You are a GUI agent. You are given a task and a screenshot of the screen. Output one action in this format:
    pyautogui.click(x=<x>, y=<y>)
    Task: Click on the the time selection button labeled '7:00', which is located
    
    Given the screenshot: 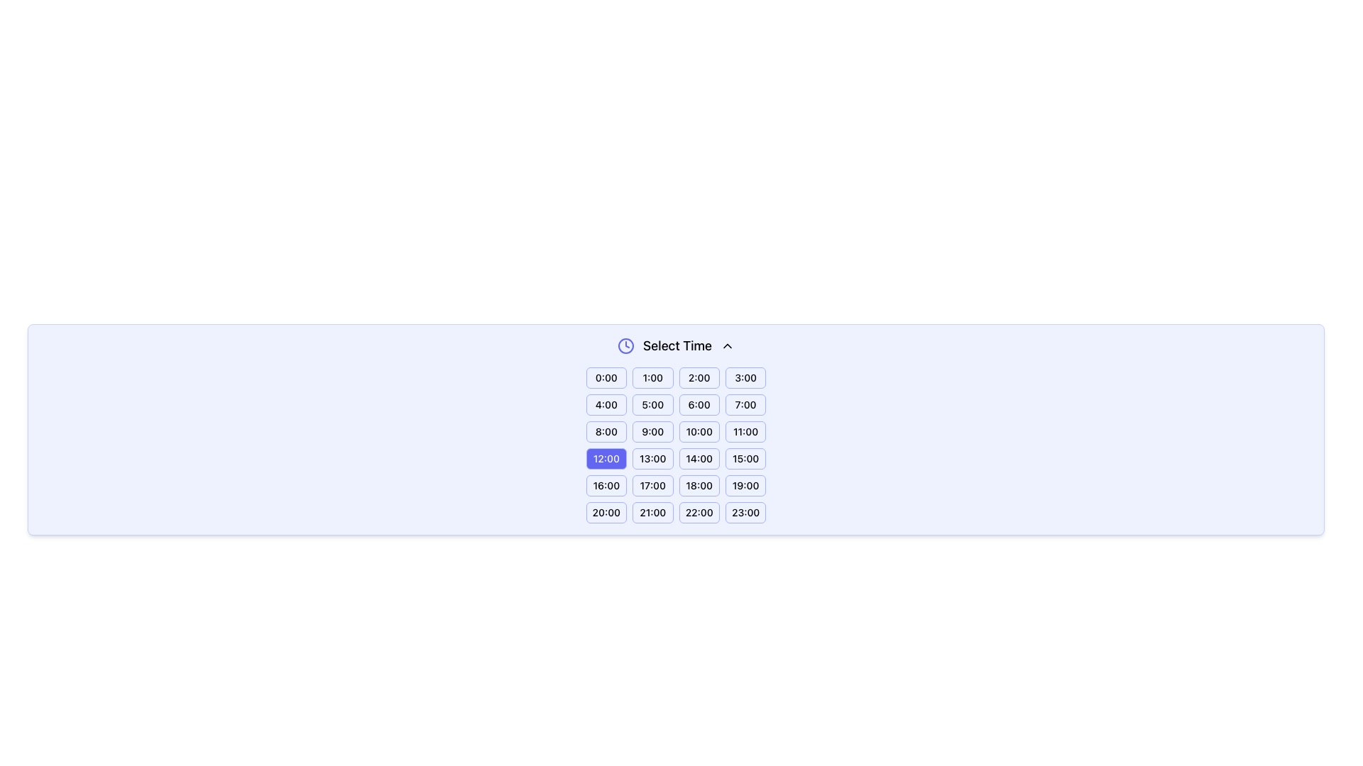 What is the action you would take?
    pyautogui.click(x=745, y=404)
    